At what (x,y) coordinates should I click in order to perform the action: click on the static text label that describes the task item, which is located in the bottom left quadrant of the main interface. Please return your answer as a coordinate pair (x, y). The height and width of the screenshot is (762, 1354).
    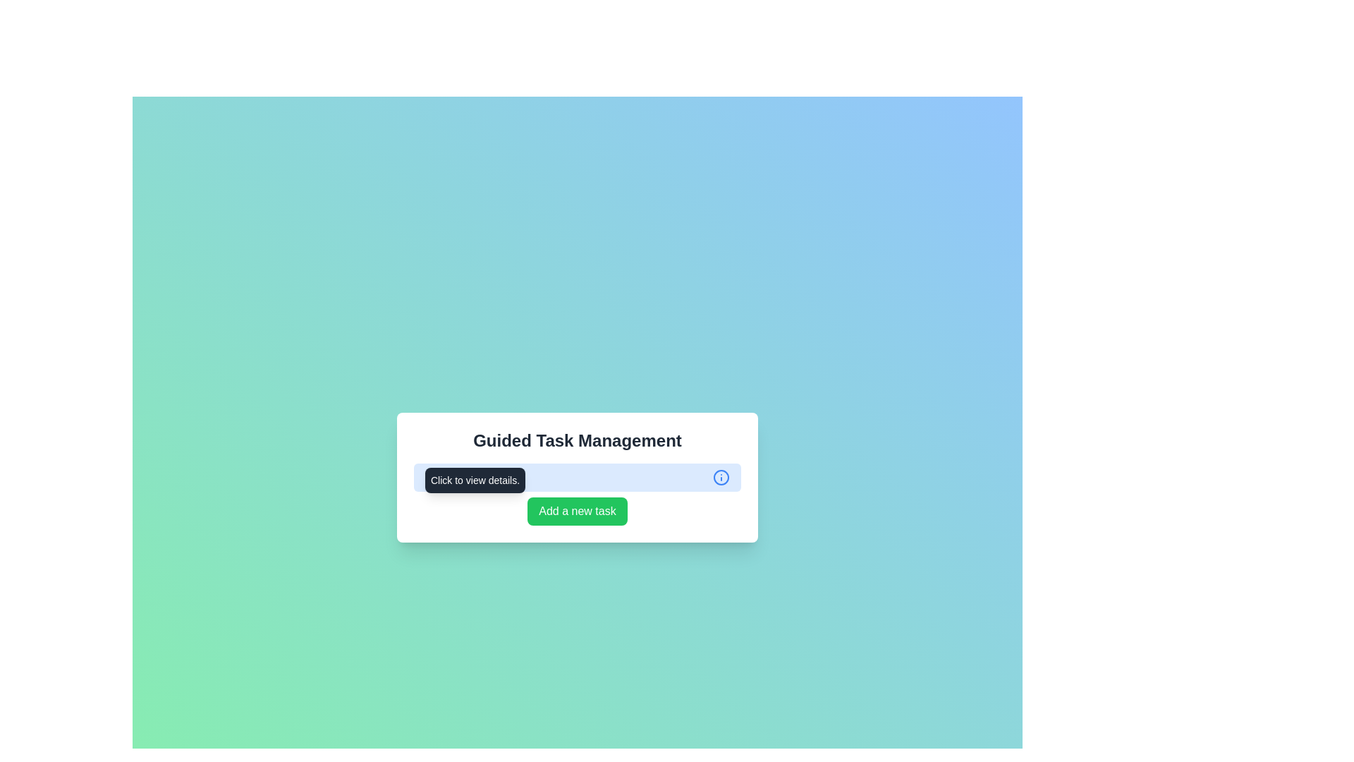
    Looking at the image, I should click on (441, 477).